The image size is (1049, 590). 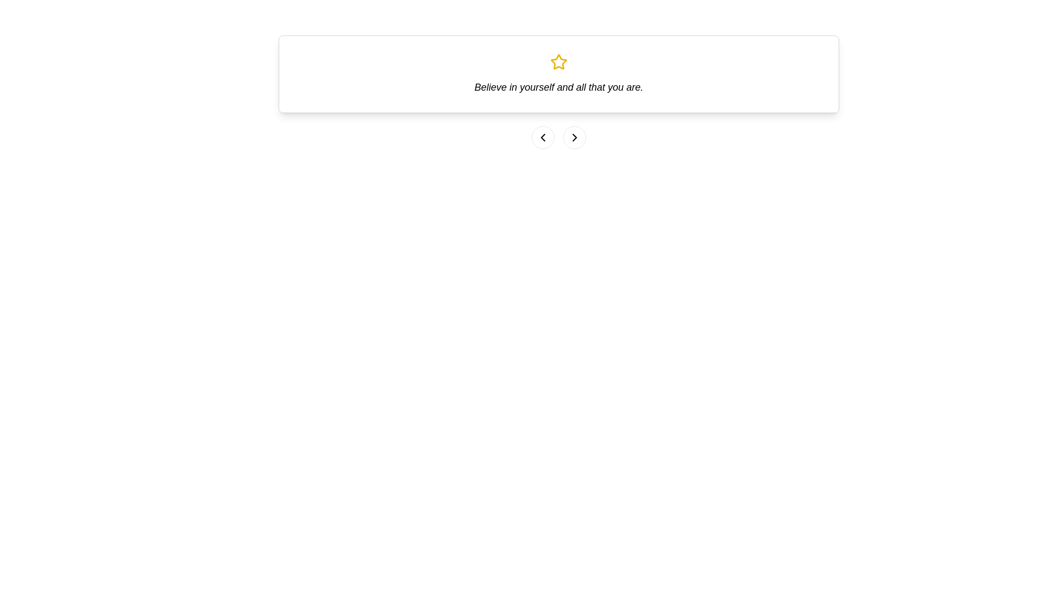 I want to click on the circular button with a left-pointing chevron icon, so click(x=543, y=137).